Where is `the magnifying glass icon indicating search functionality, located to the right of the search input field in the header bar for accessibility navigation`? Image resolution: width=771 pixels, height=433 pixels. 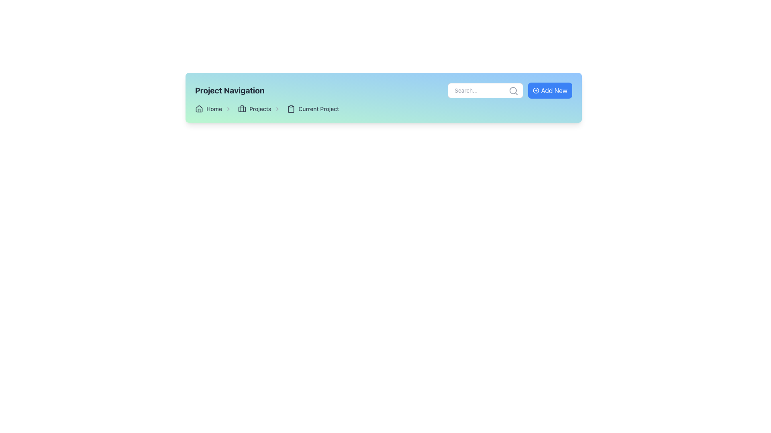 the magnifying glass icon indicating search functionality, located to the right of the search input field in the header bar for accessibility navigation is located at coordinates (513, 91).